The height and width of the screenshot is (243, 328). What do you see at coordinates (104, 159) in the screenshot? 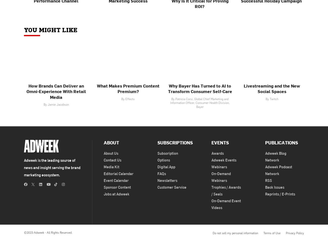
I see `'Contact Us'` at bounding box center [104, 159].